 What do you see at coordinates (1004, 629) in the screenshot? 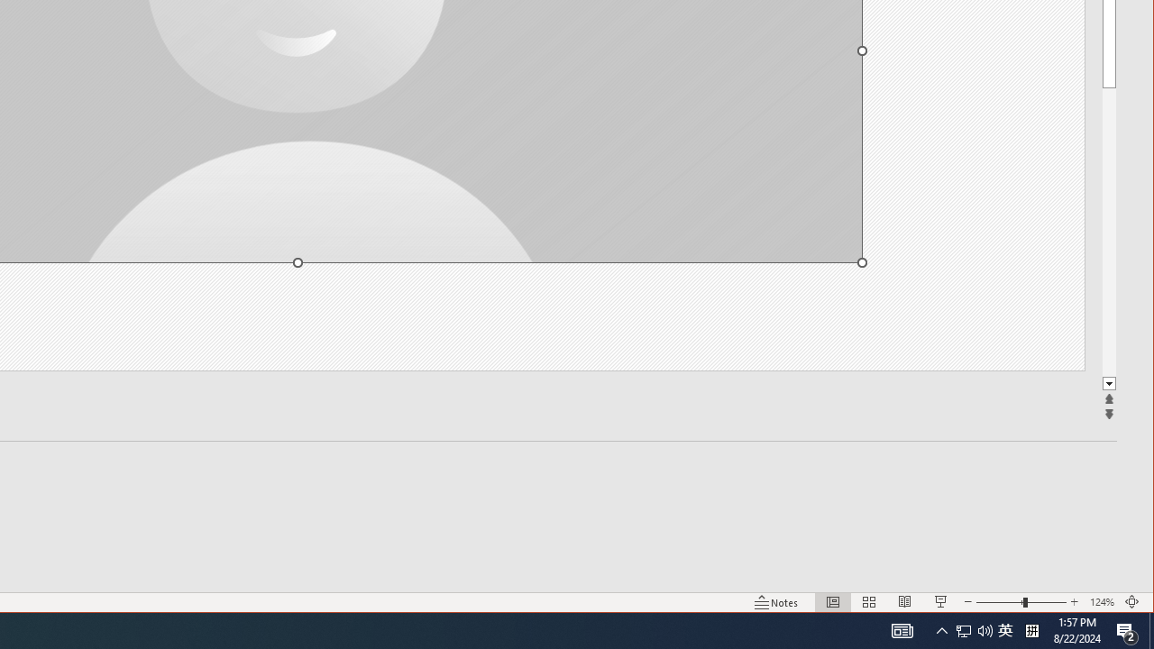
I see `'Zoom'` at bounding box center [1004, 629].